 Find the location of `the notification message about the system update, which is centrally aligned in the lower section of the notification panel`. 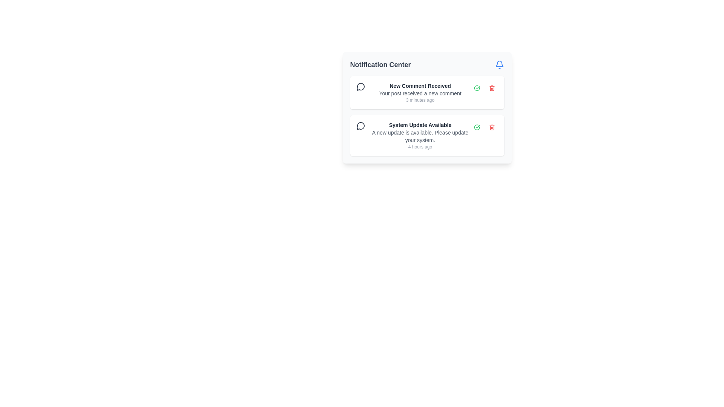

the notification message about the system update, which is centrally aligned in the lower section of the notification panel is located at coordinates (420, 135).